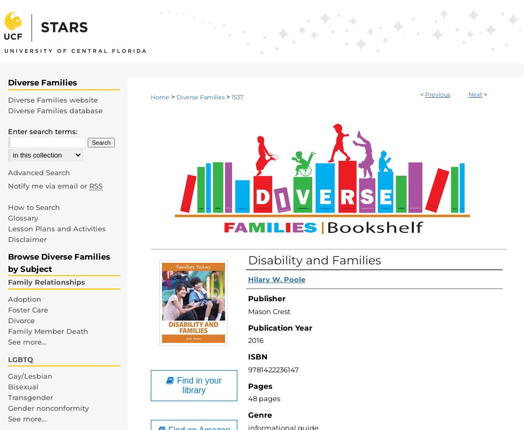 This screenshot has height=430, width=524. Describe the element at coordinates (59, 262) in the screenshot. I see `'Browse Diverse Families by Subject'` at that location.